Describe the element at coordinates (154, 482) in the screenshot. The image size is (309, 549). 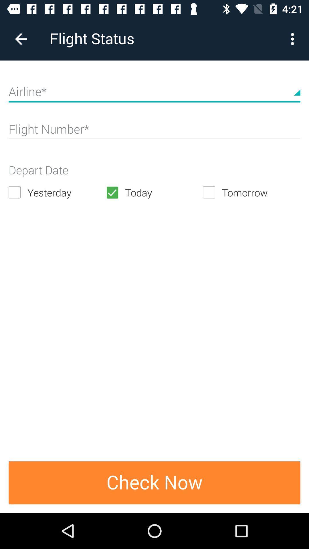
I see `the check now` at that location.